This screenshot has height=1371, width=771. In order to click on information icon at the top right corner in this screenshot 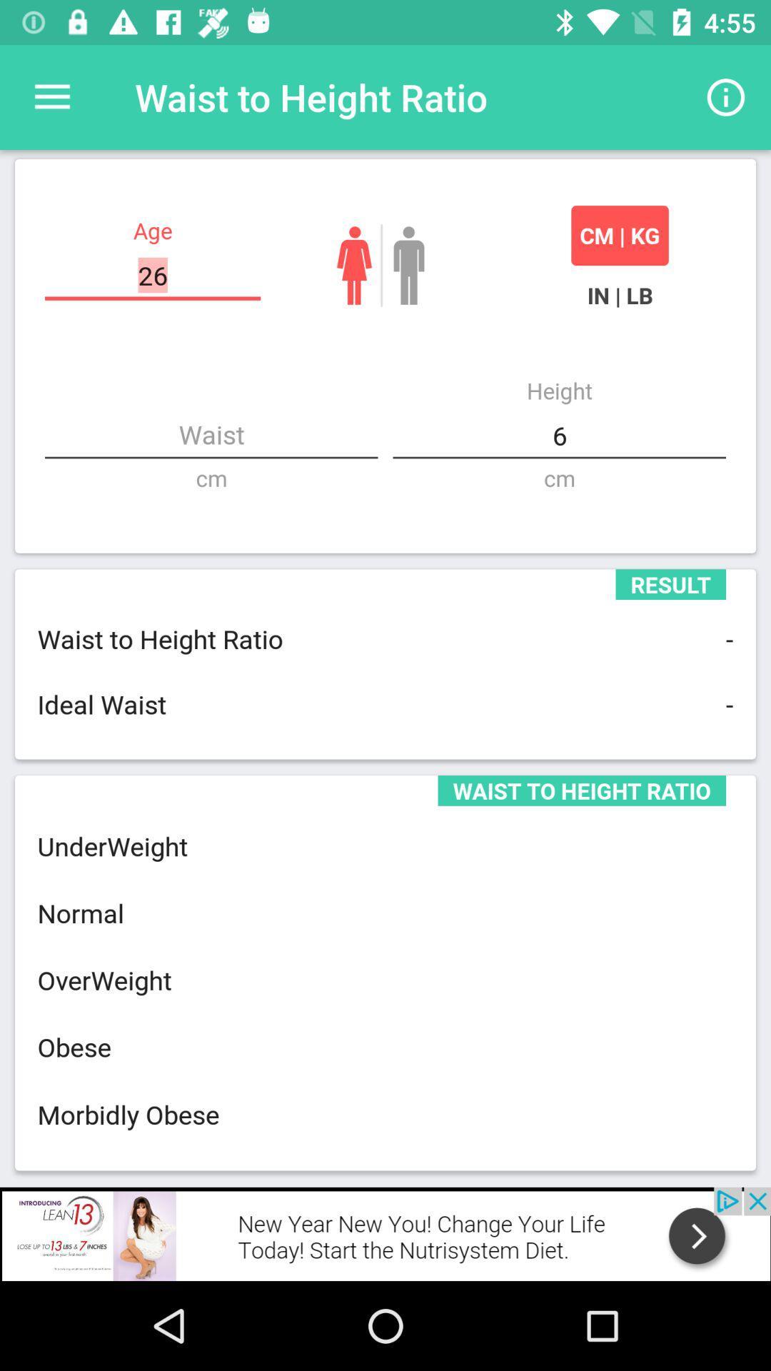, I will do `click(726, 97)`.